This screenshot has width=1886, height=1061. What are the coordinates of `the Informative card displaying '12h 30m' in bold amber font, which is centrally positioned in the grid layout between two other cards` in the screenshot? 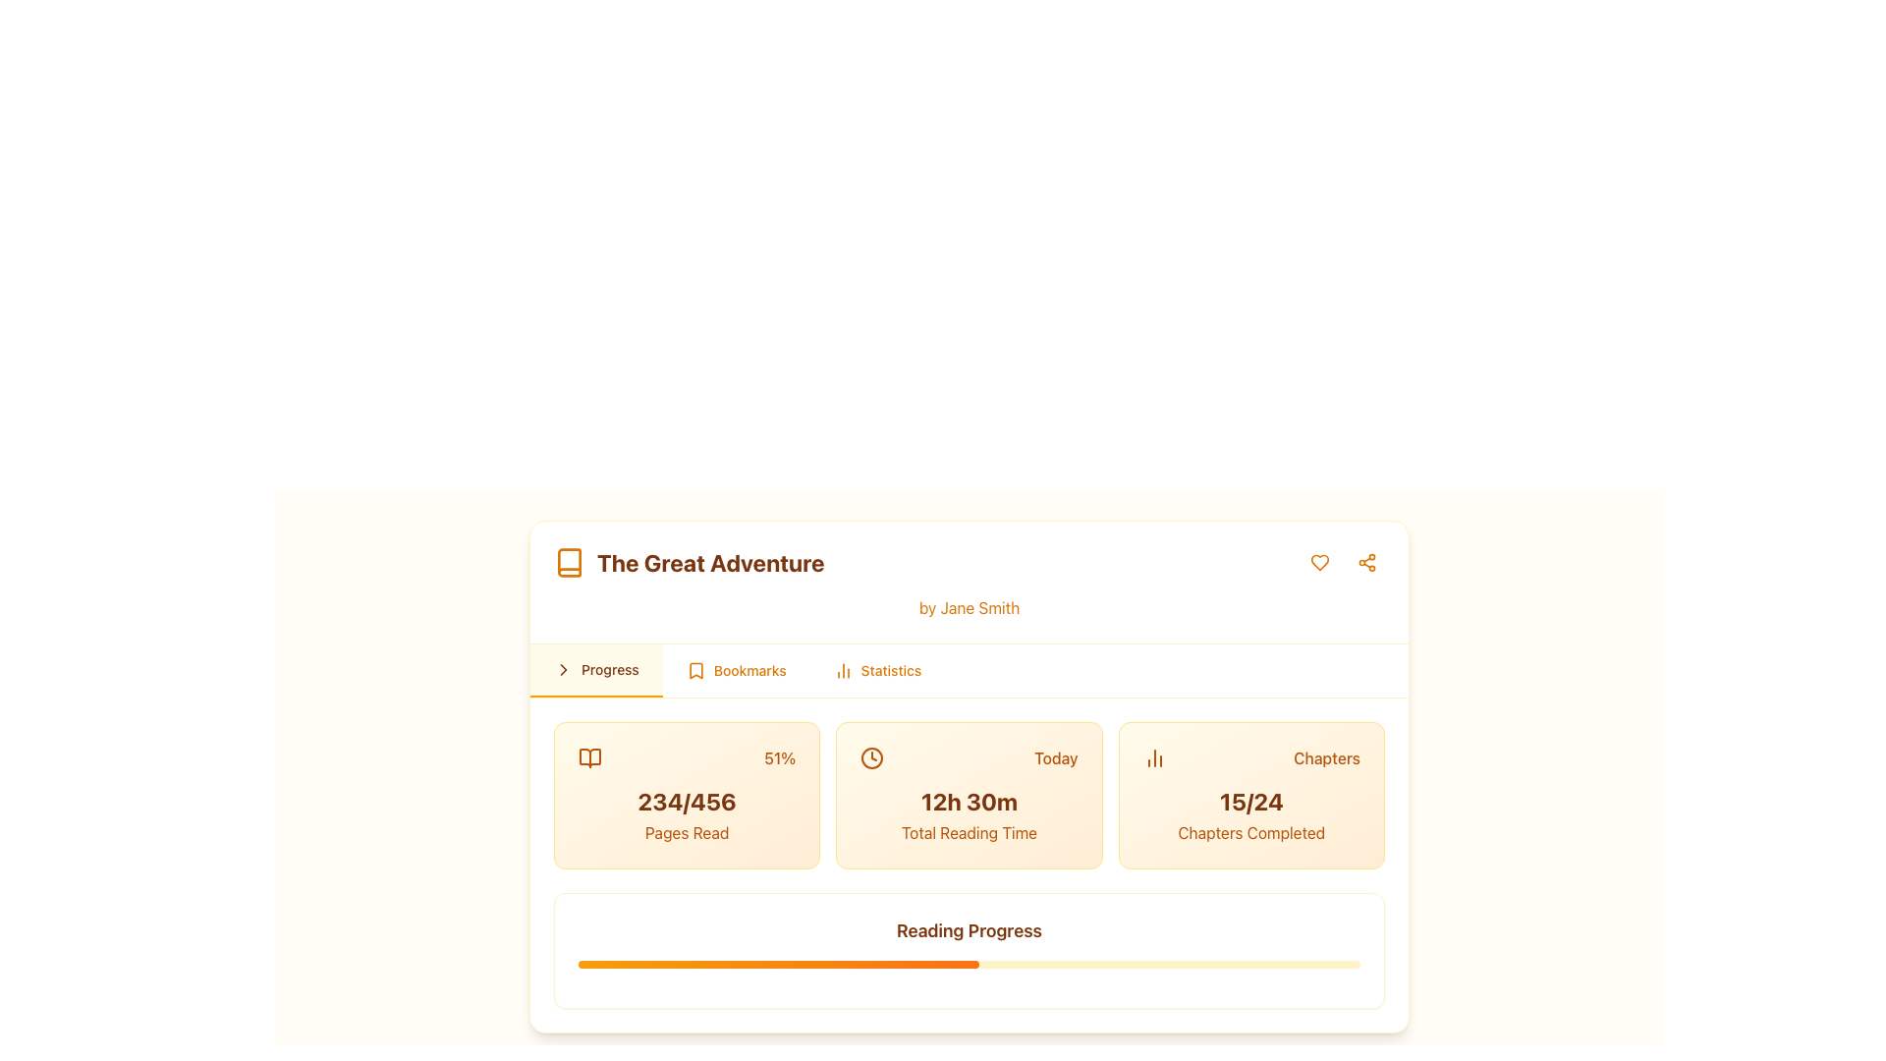 It's located at (970, 796).